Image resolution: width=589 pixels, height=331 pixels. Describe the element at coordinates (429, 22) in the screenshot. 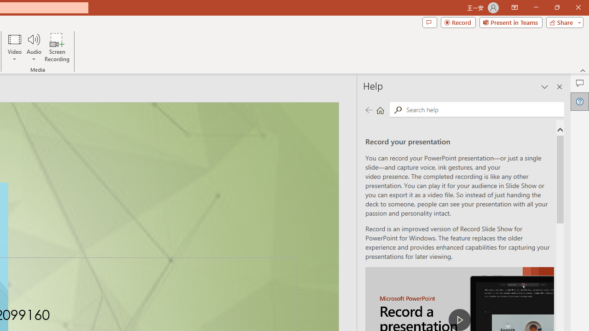

I see `'Comments'` at that location.